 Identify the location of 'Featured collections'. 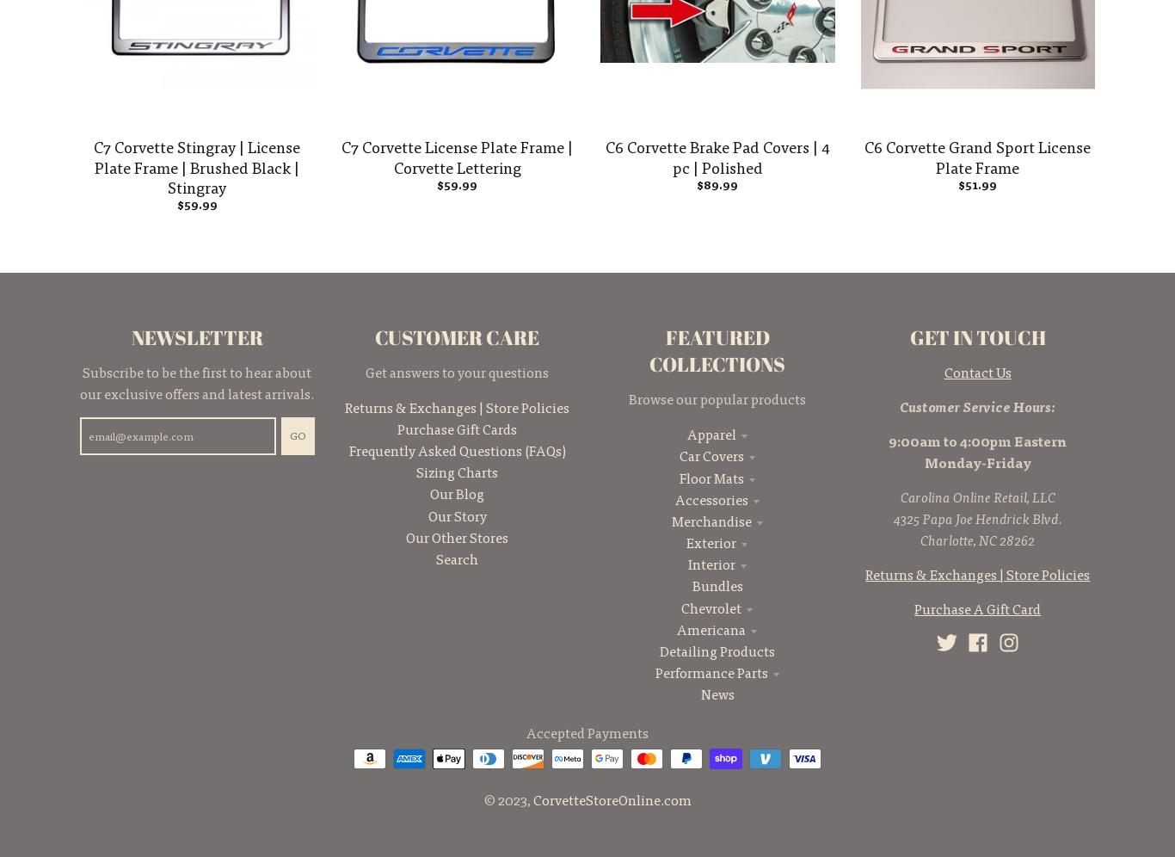
(716, 349).